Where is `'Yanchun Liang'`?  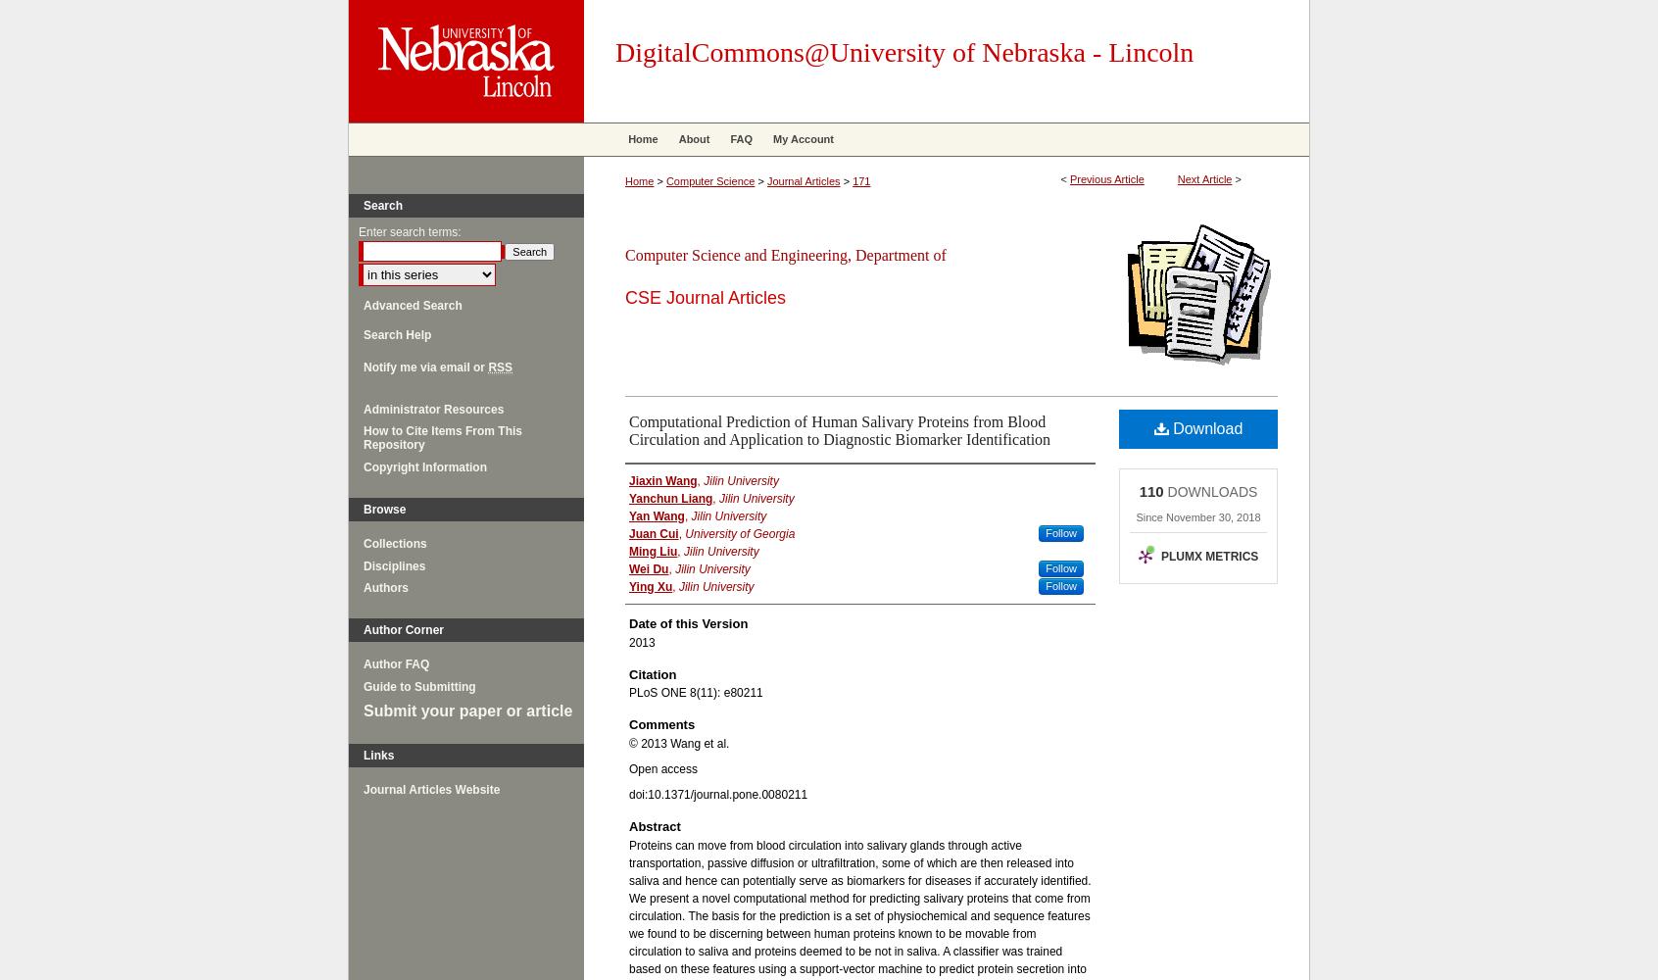 'Yanchun Liang' is located at coordinates (670, 499).